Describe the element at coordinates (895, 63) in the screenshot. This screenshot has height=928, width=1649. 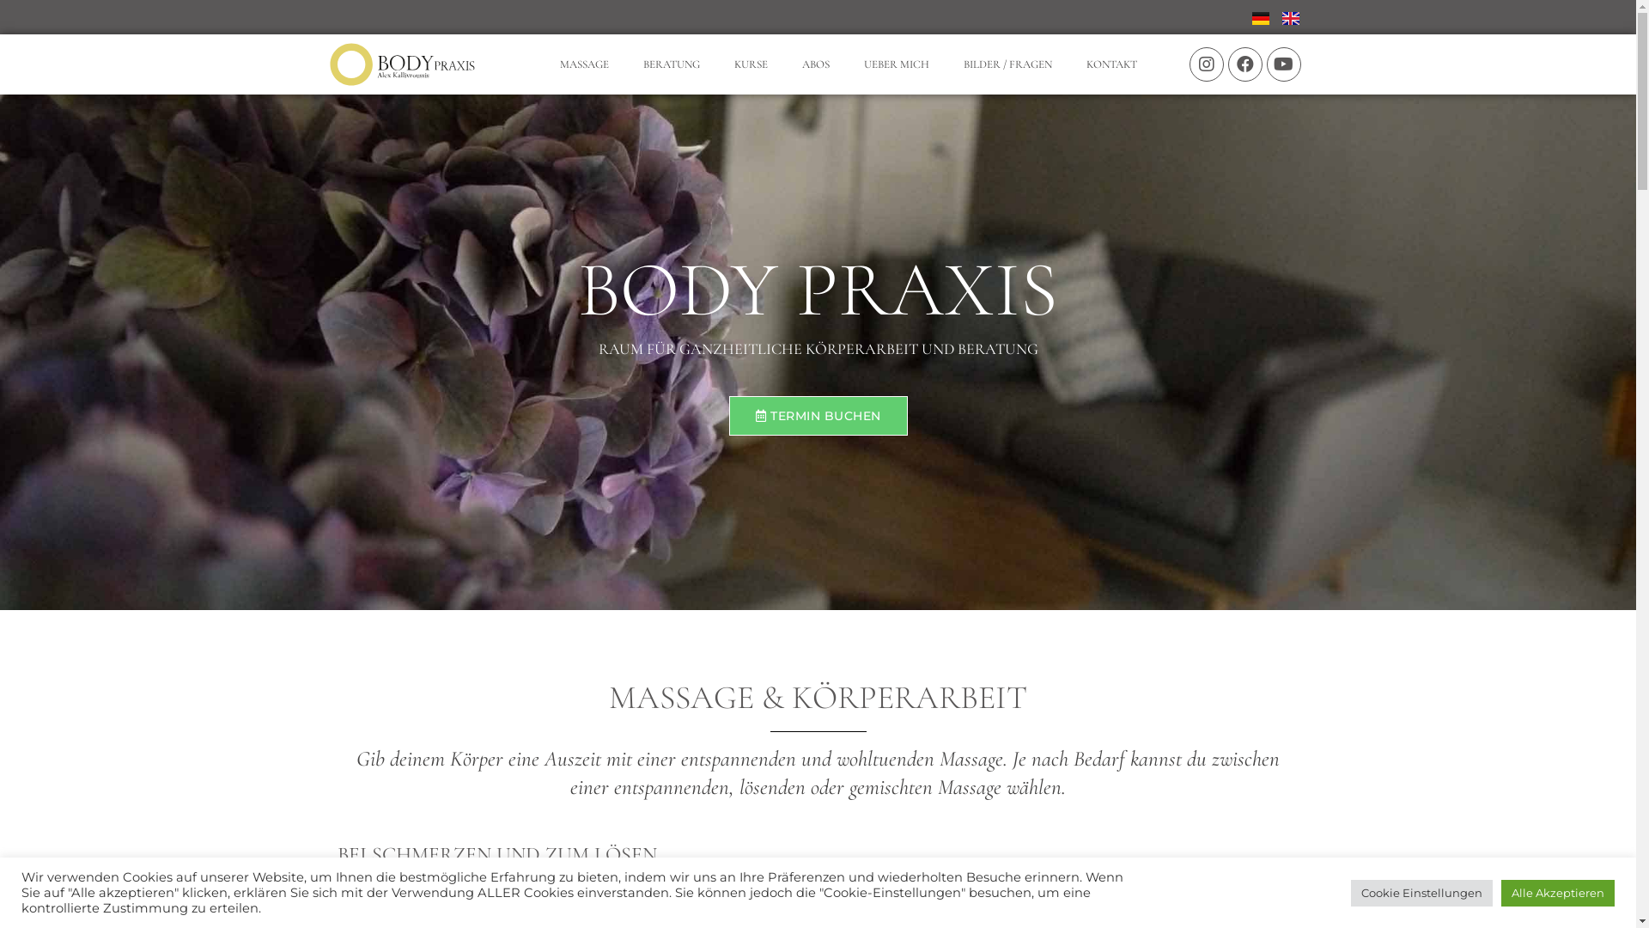
I see `'UEBER MICH'` at that location.